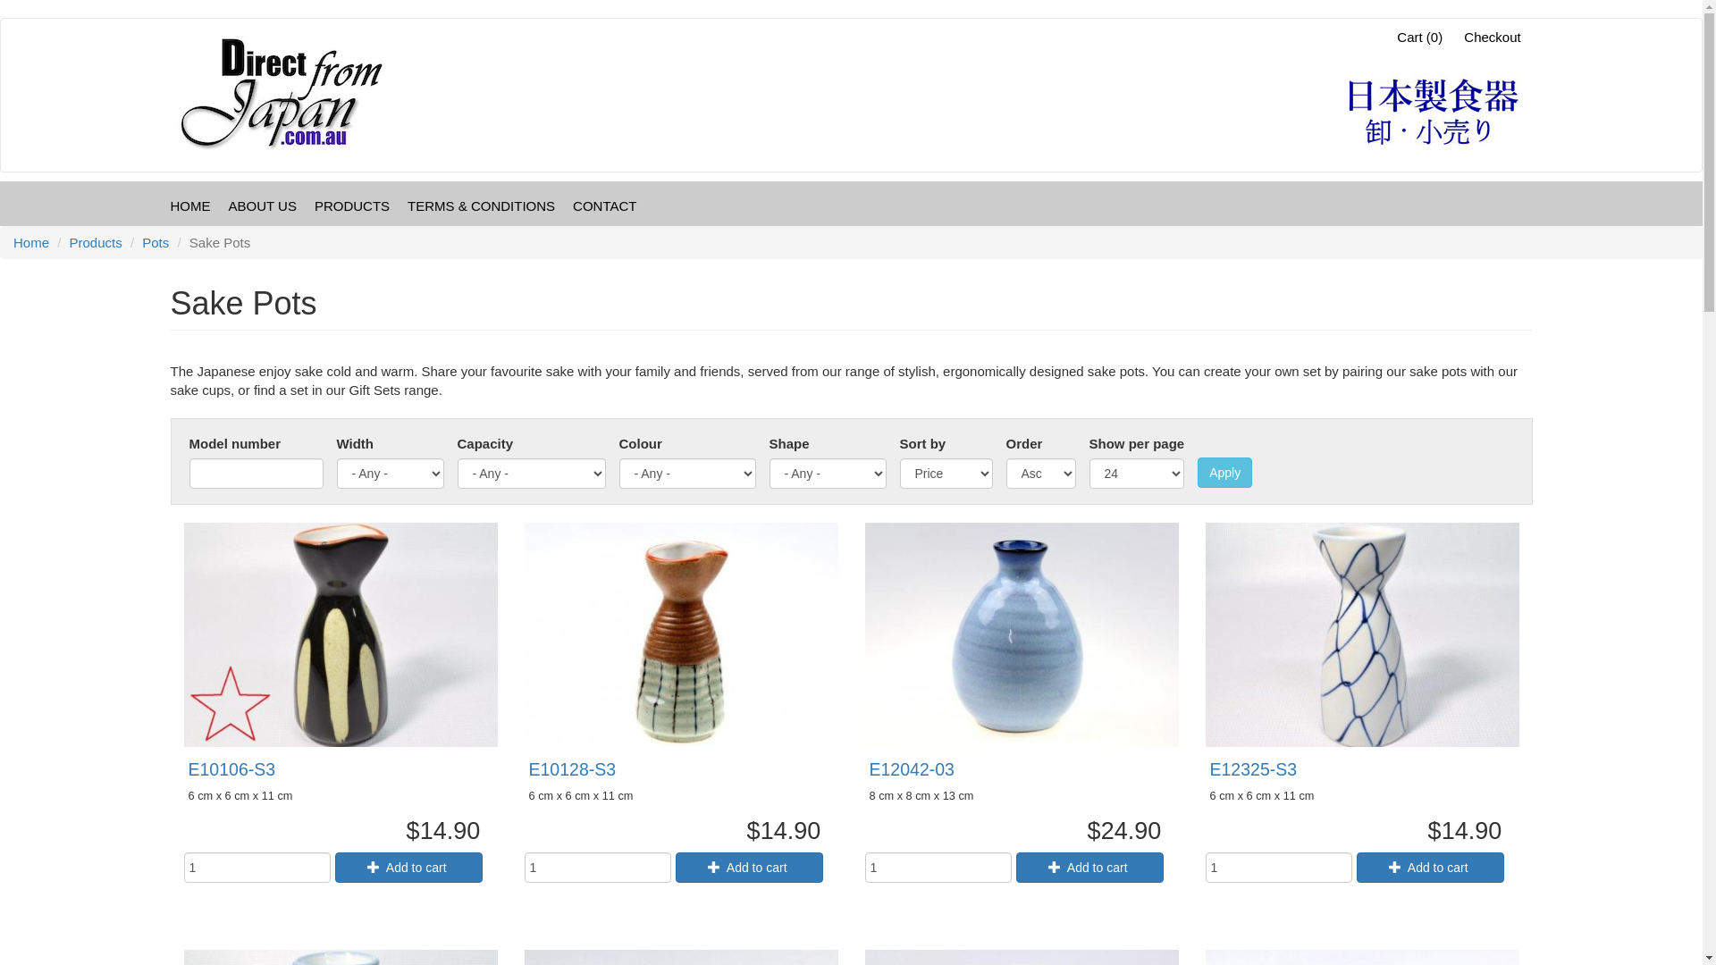 The height and width of the screenshot is (965, 1716). I want to click on 'Skip to main content', so click(0, 18).